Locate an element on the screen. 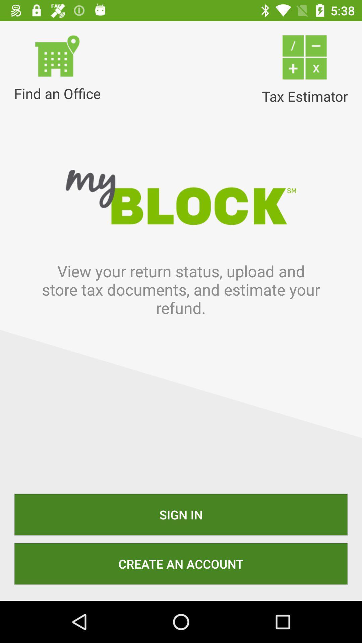 The image size is (362, 643). item above the create an account item is located at coordinates (181, 514).